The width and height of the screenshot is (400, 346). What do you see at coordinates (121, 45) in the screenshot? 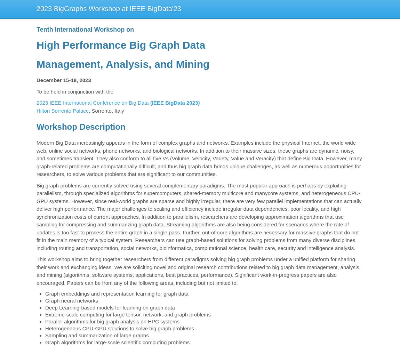
I see `'High Performance Big Graph Data'` at bounding box center [121, 45].